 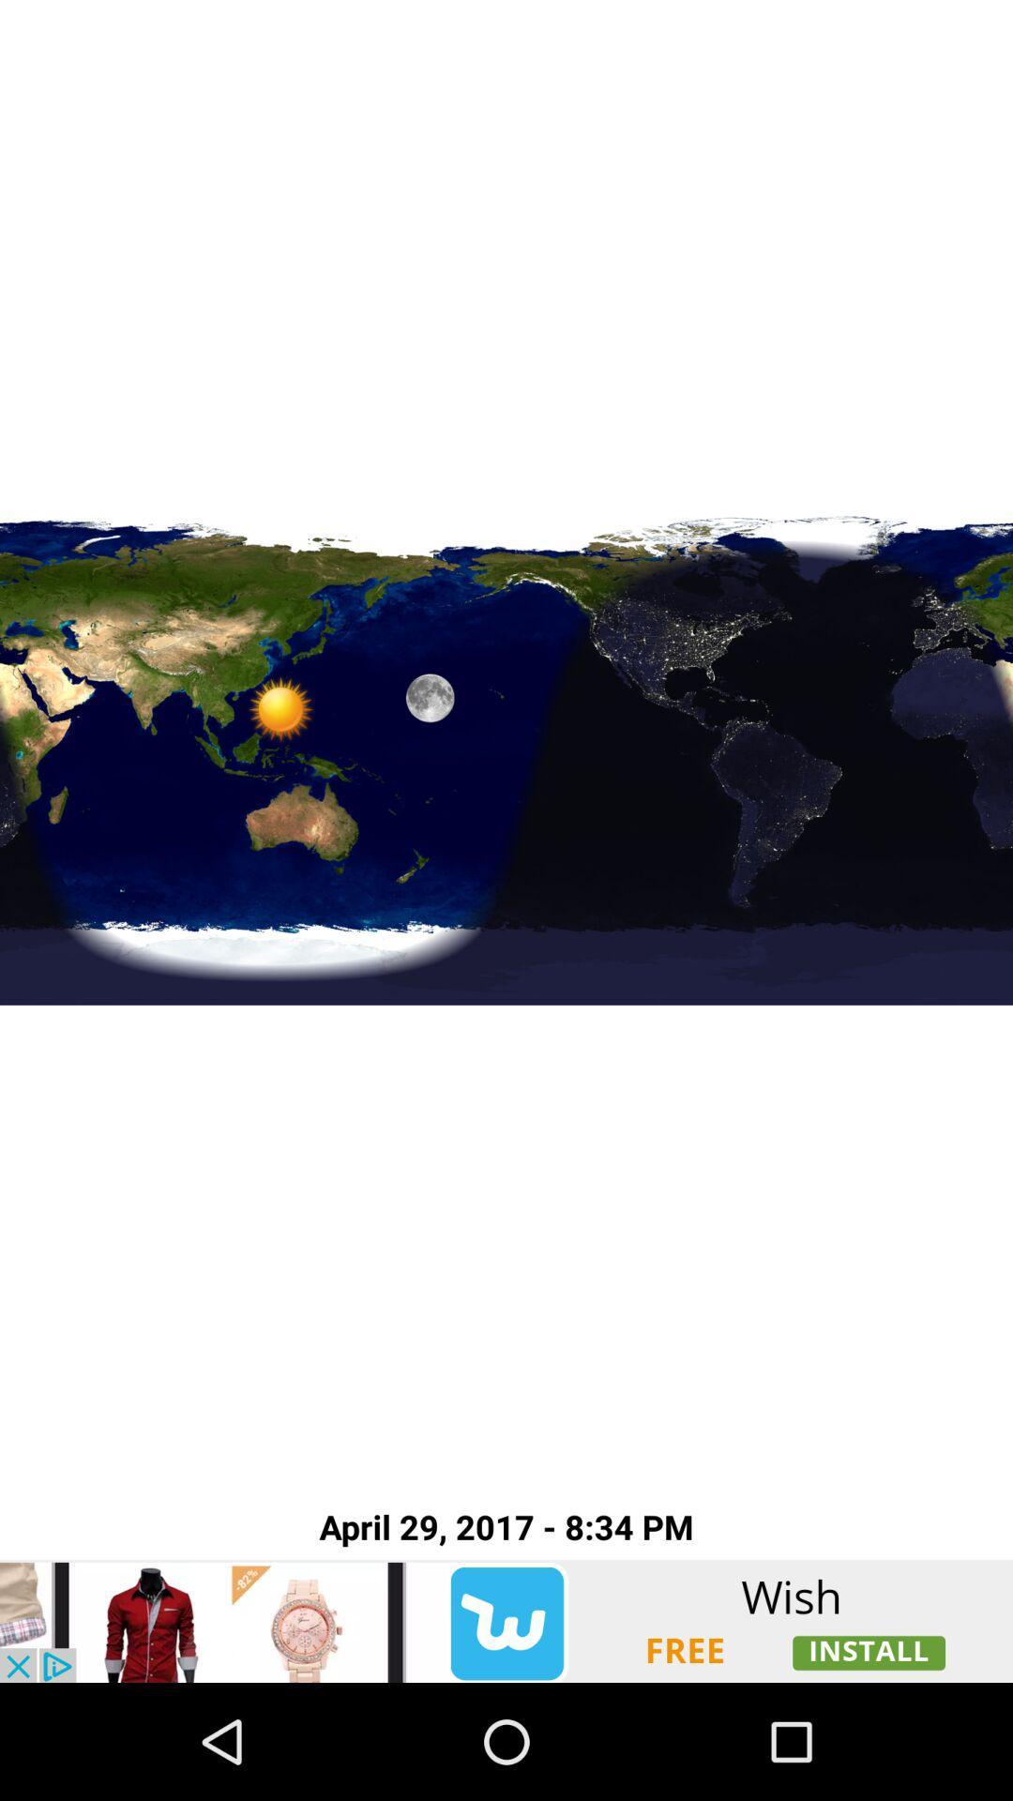 What do you see at coordinates (506, 1620) in the screenshot?
I see `install wish app` at bounding box center [506, 1620].